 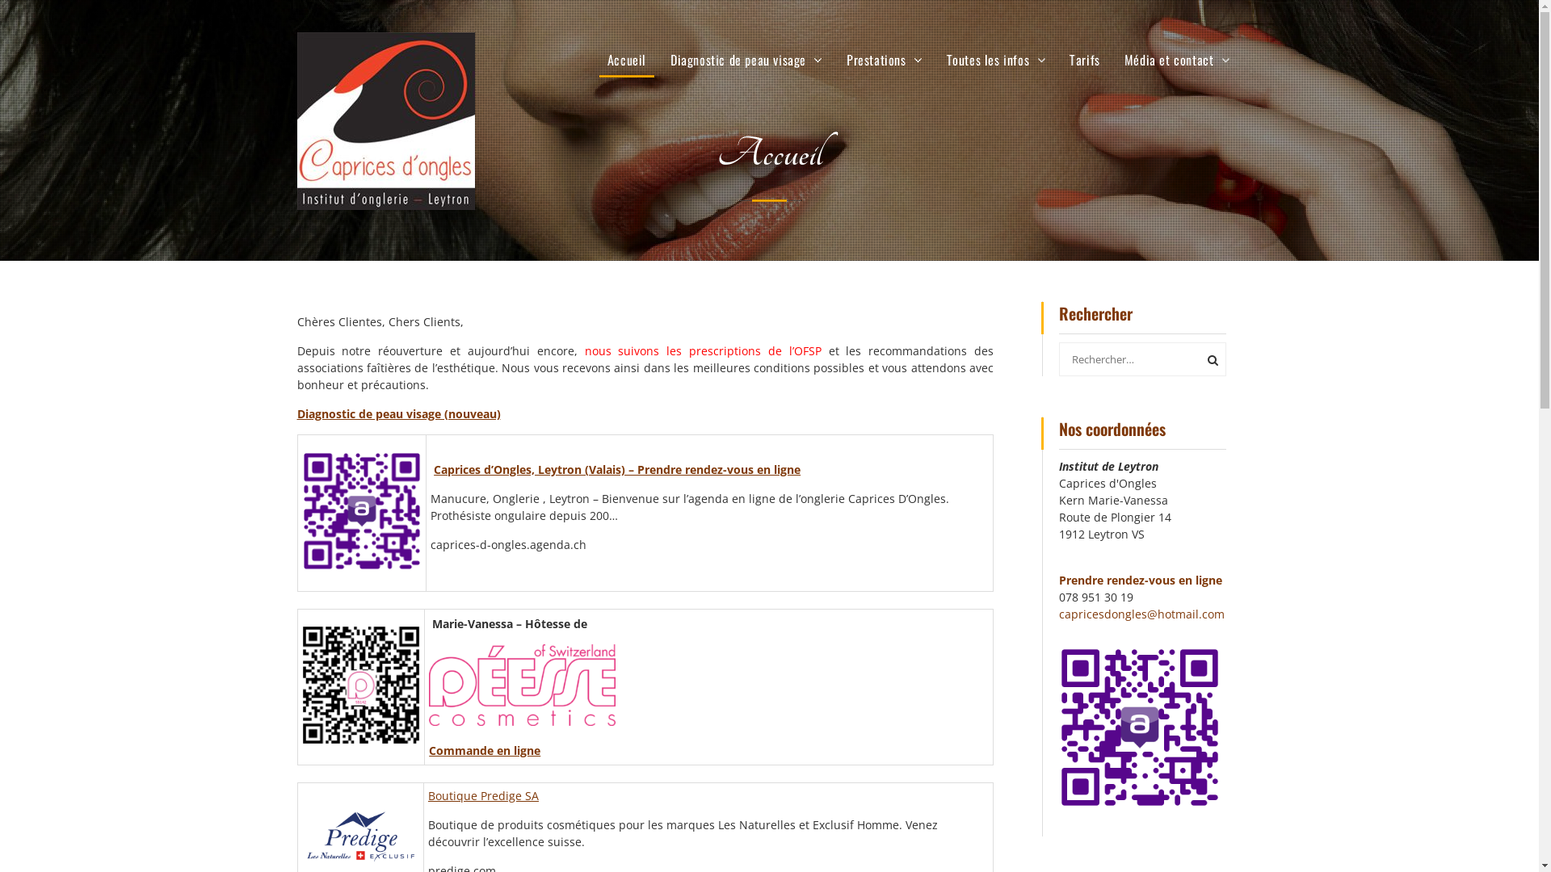 I want to click on 'Prestations', so click(x=883, y=58).